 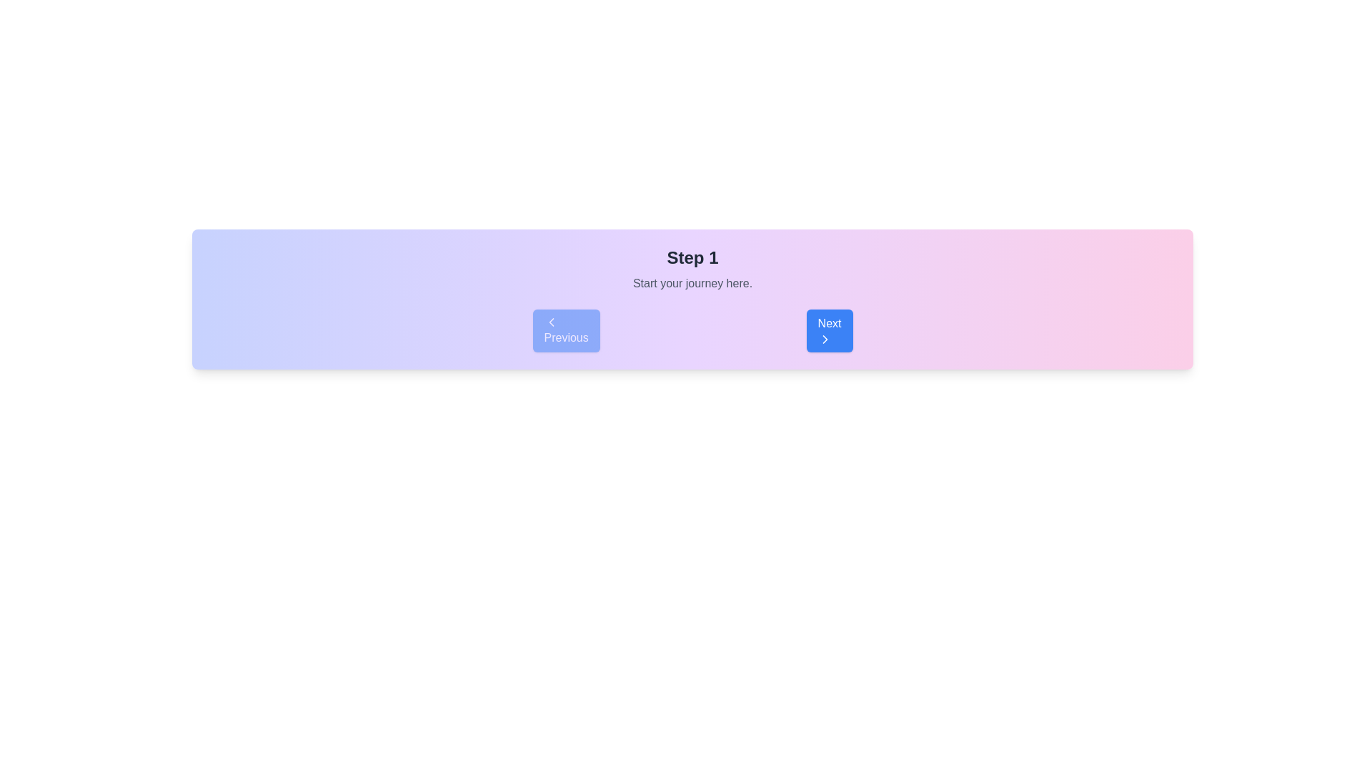 I want to click on the 'Next' button with blue background and white text, so click(x=830, y=330).